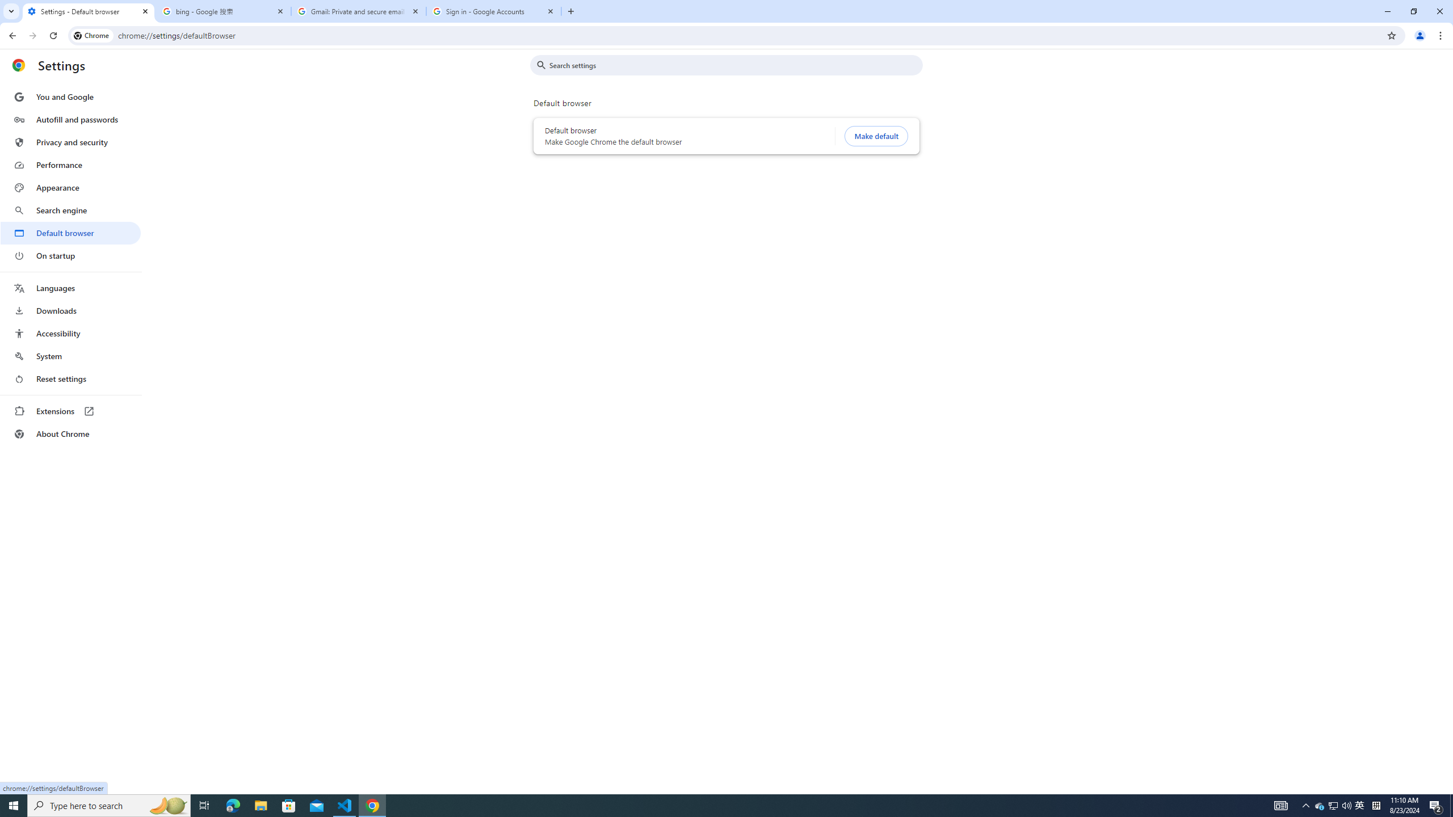 Image resolution: width=1453 pixels, height=817 pixels. What do you see at coordinates (70, 411) in the screenshot?
I see `'Extensions'` at bounding box center [70, 411].